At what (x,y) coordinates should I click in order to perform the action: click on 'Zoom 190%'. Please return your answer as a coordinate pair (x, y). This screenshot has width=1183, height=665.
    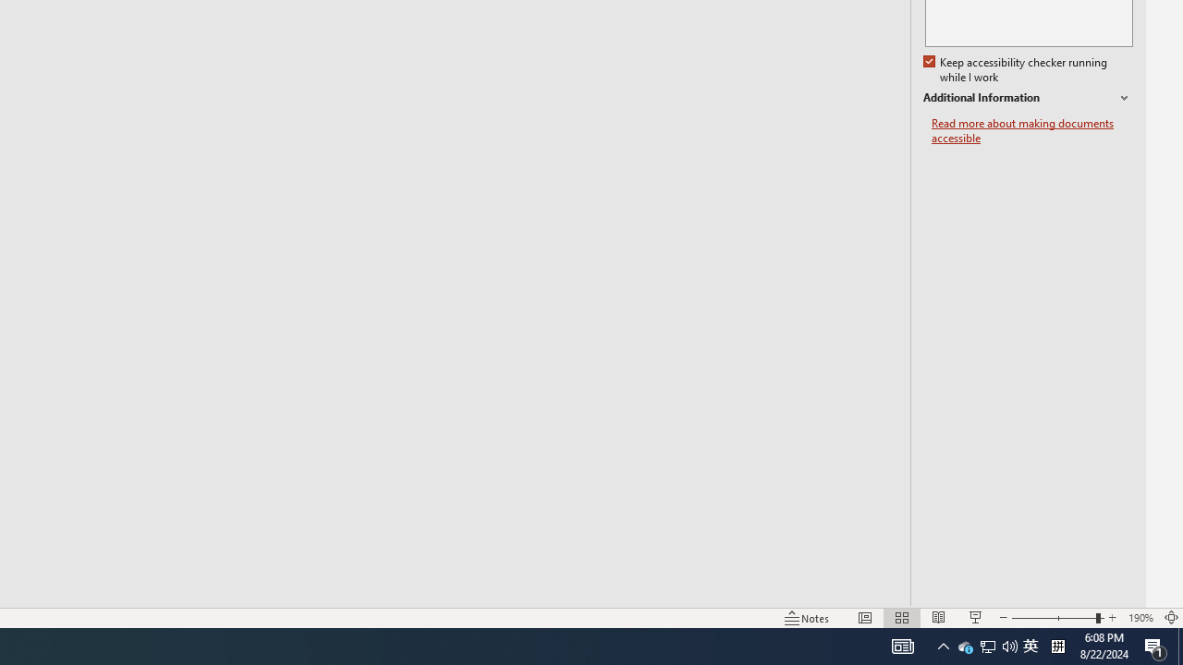
    Looking at the image, I should click on (1140, 618).